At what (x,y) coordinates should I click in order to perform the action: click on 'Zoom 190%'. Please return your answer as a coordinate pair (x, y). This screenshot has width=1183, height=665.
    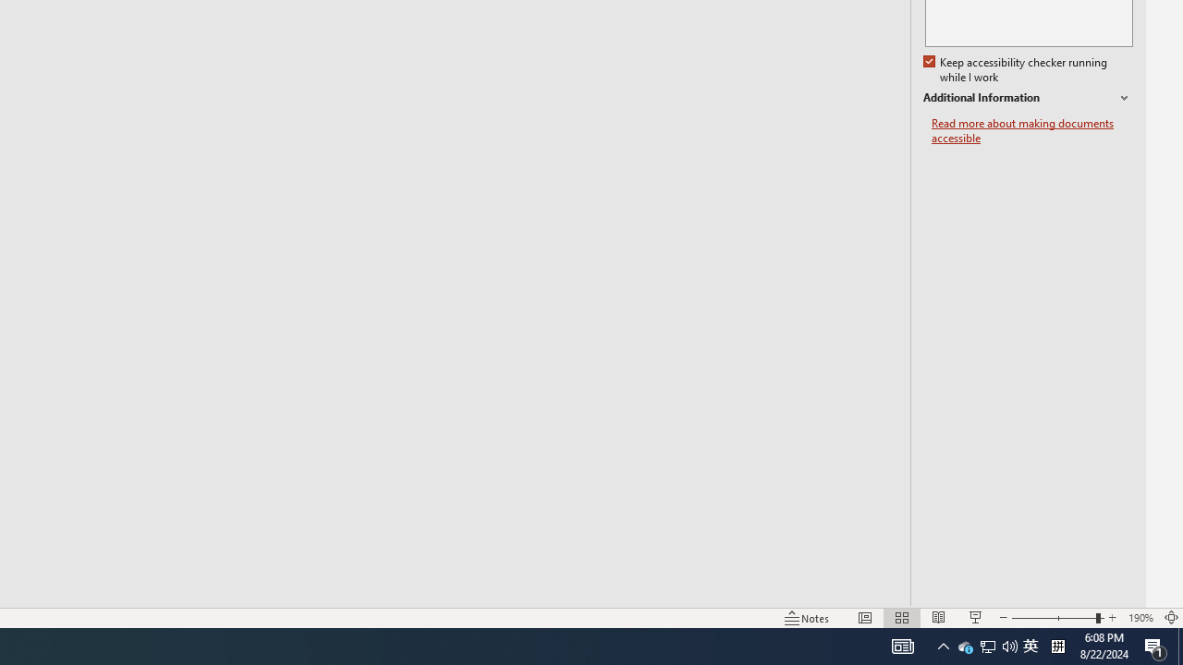
    Looking at the image, I should click on (1140, 618).